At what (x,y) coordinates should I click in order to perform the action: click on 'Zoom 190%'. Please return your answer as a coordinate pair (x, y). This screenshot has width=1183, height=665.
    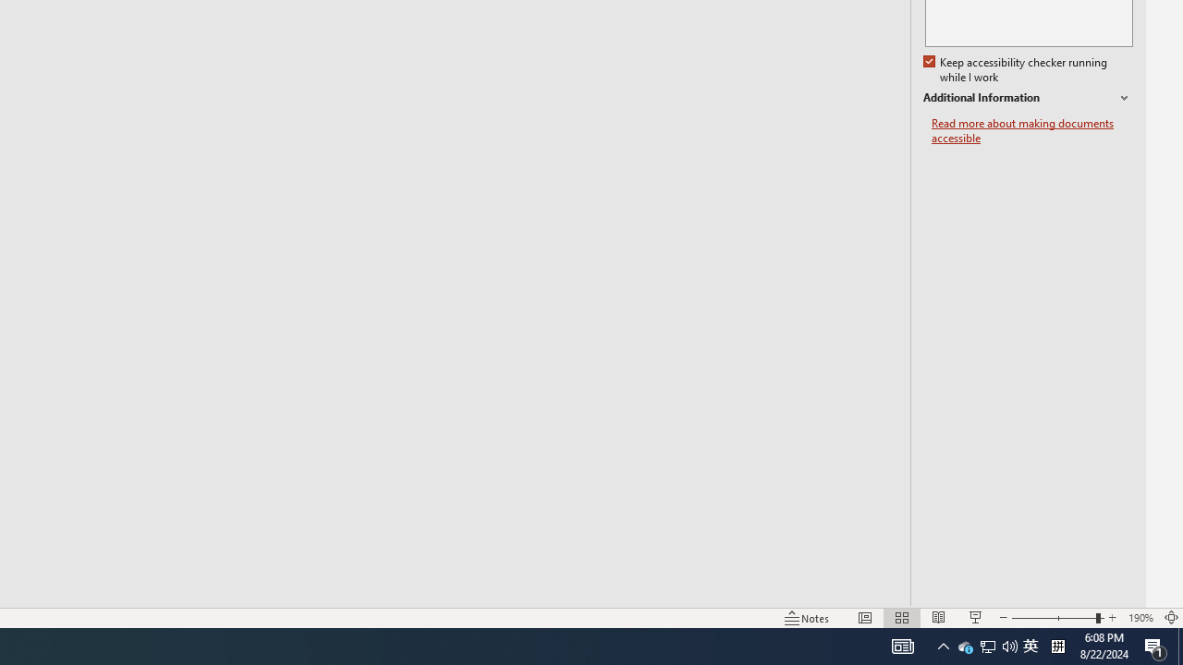
    Looking at the image, I should click on (1140, 618).